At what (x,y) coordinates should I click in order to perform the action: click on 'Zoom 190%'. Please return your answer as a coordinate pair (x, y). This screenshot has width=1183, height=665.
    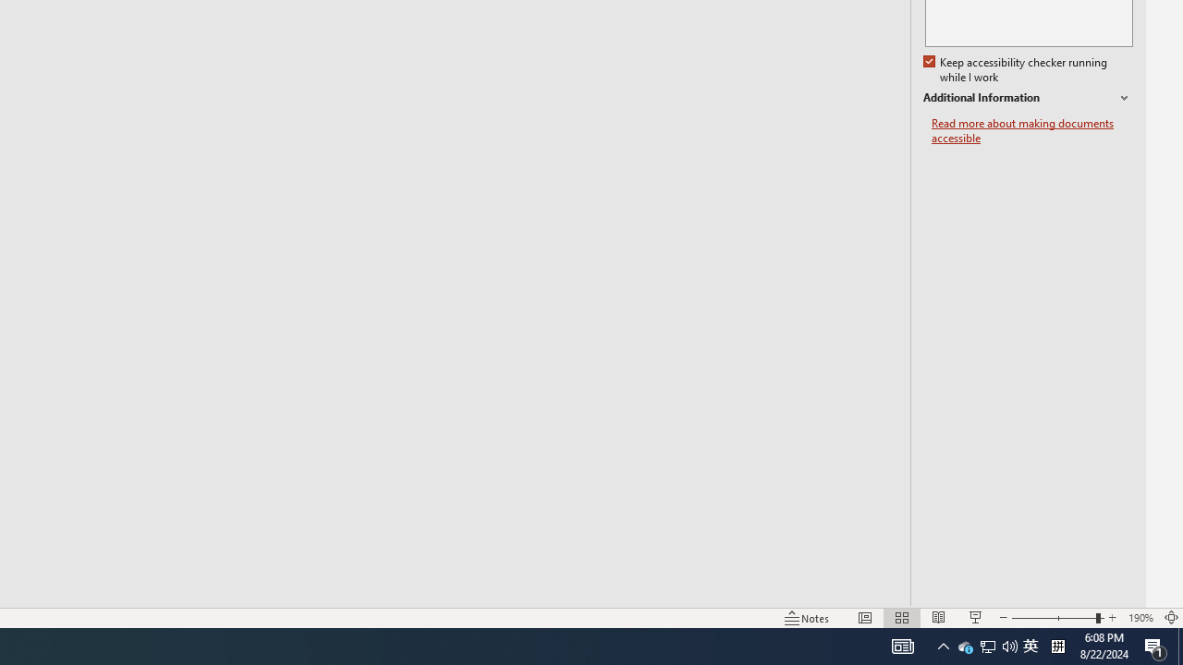
    Looking at the image, I should click on (1140, 618).